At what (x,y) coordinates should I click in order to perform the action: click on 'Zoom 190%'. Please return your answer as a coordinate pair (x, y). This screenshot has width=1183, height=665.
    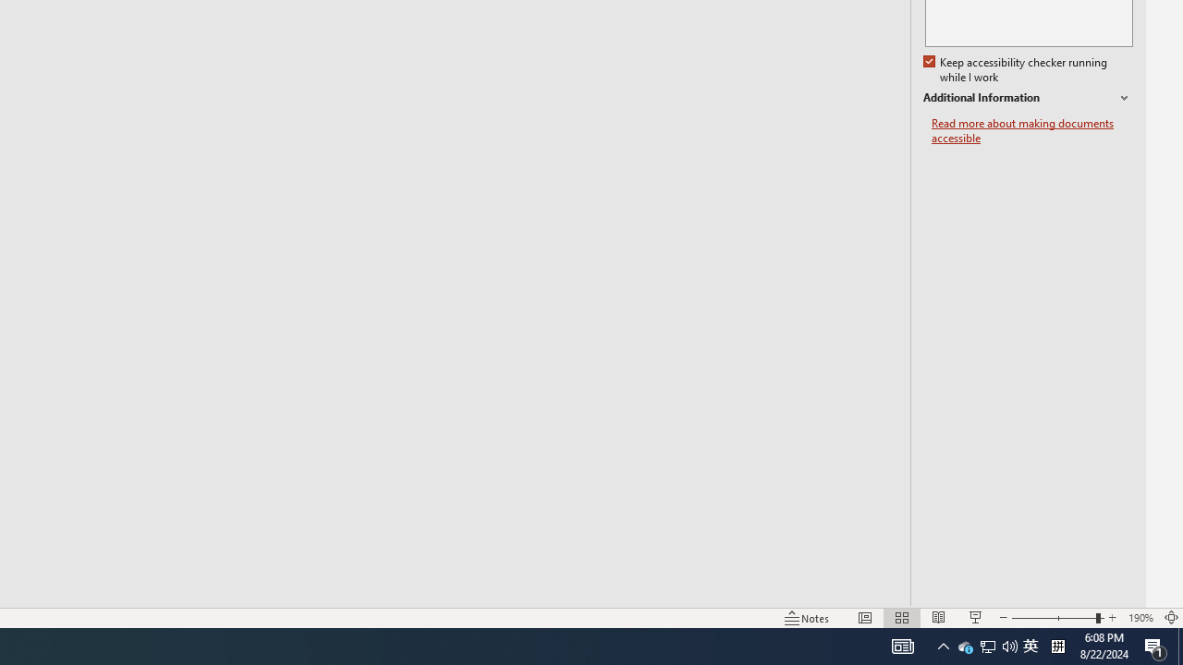
    Looking at the image, I should click on (1140, 618).